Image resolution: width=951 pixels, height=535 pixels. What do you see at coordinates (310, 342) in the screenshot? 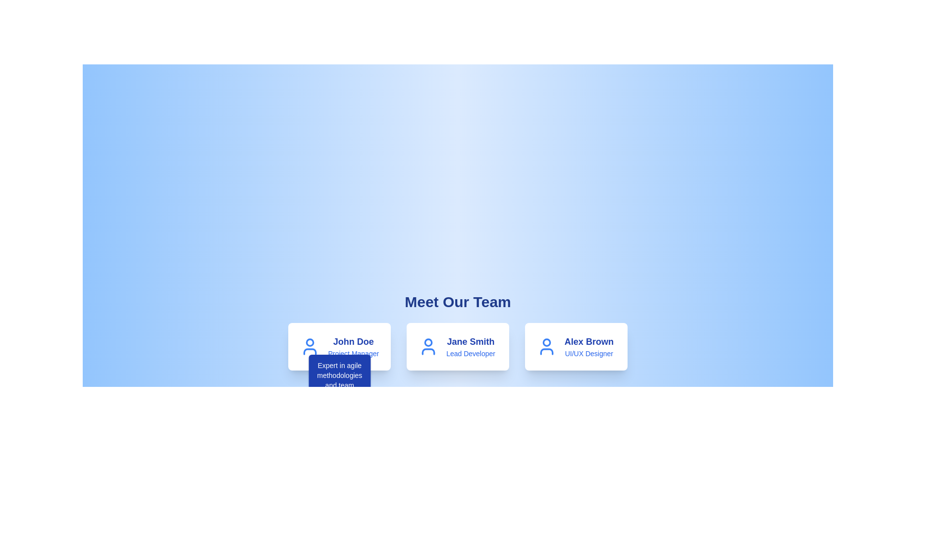
I see `the SVG graphic element representing the profile avatar of 'John Doe' to potentially display additional information or animations` at bounding box center [310, 342].